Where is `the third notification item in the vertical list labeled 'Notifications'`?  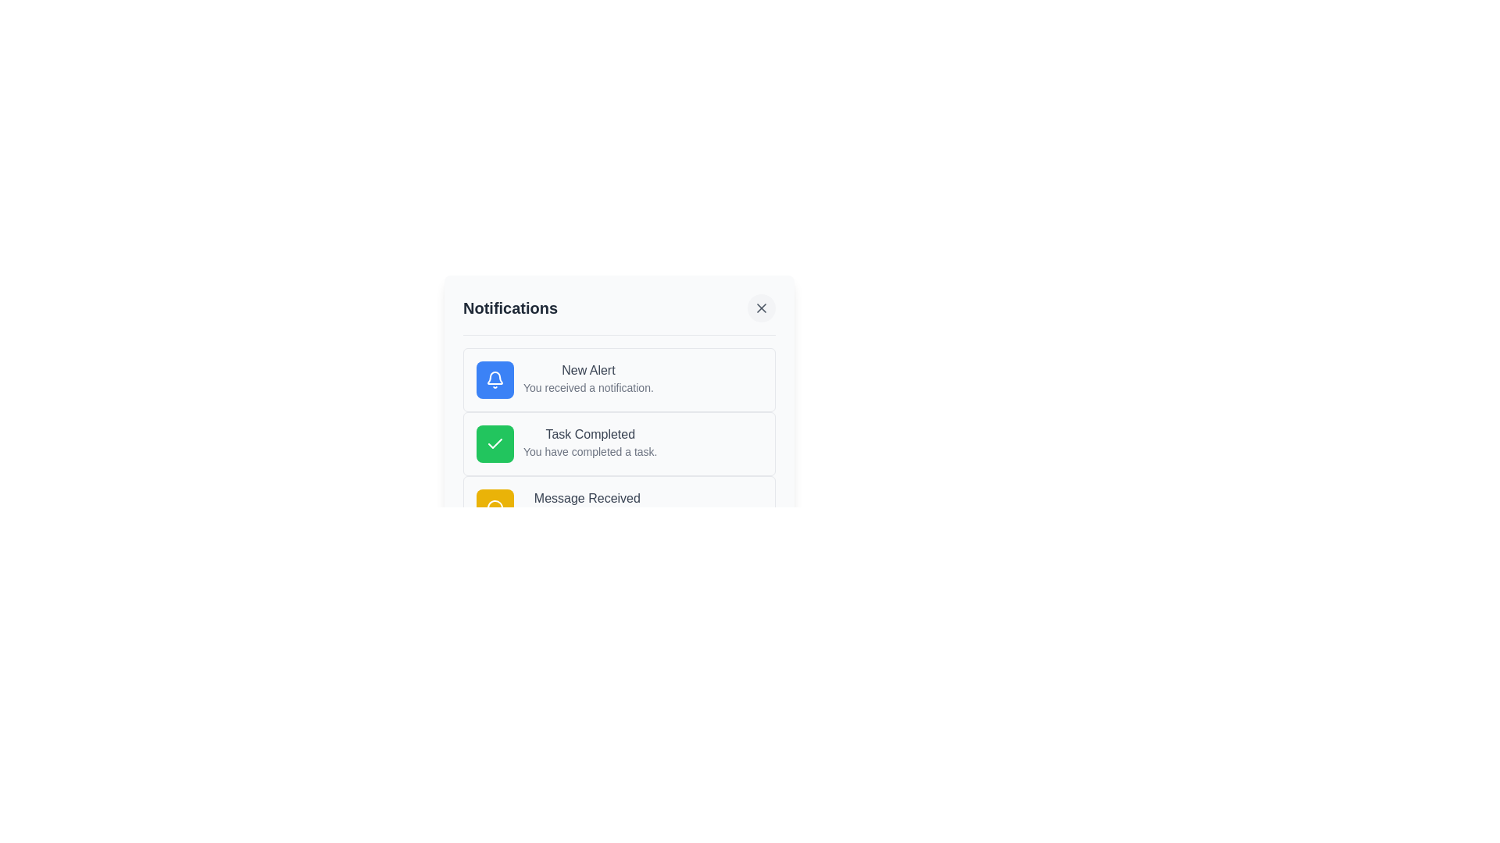 the third notification item in the vertical list labeled 'Notifications' is located at coordinates (618, 508).